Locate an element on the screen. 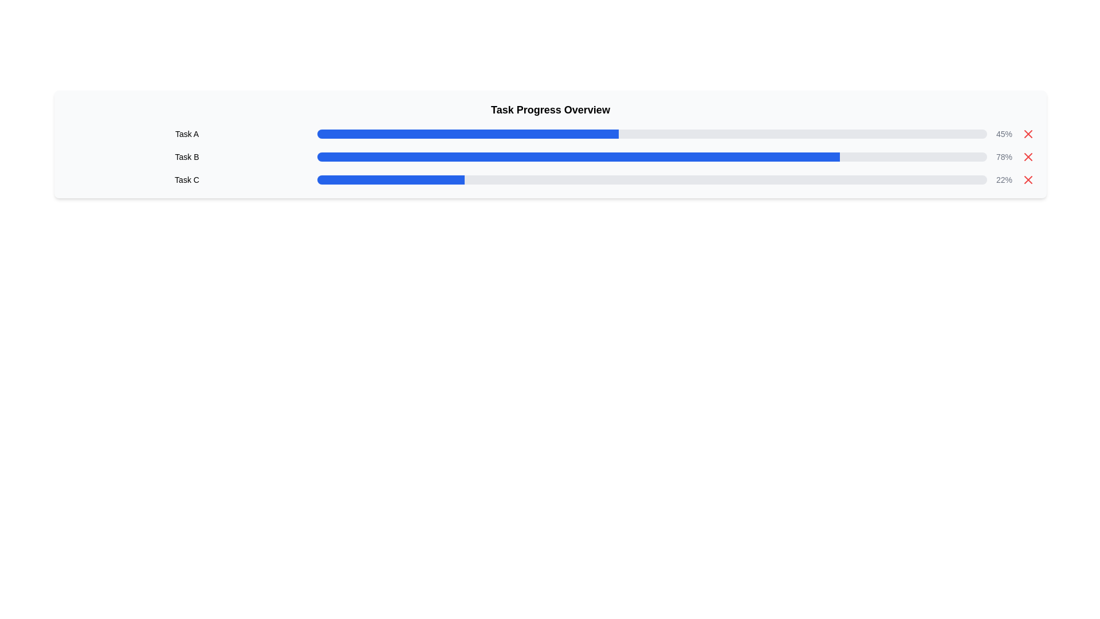 Image resolution: width=1100 pixels, height=619 pixels. the filled portion of the progress bar segment associated with 'Task C' is located at coordinates (391, 179).